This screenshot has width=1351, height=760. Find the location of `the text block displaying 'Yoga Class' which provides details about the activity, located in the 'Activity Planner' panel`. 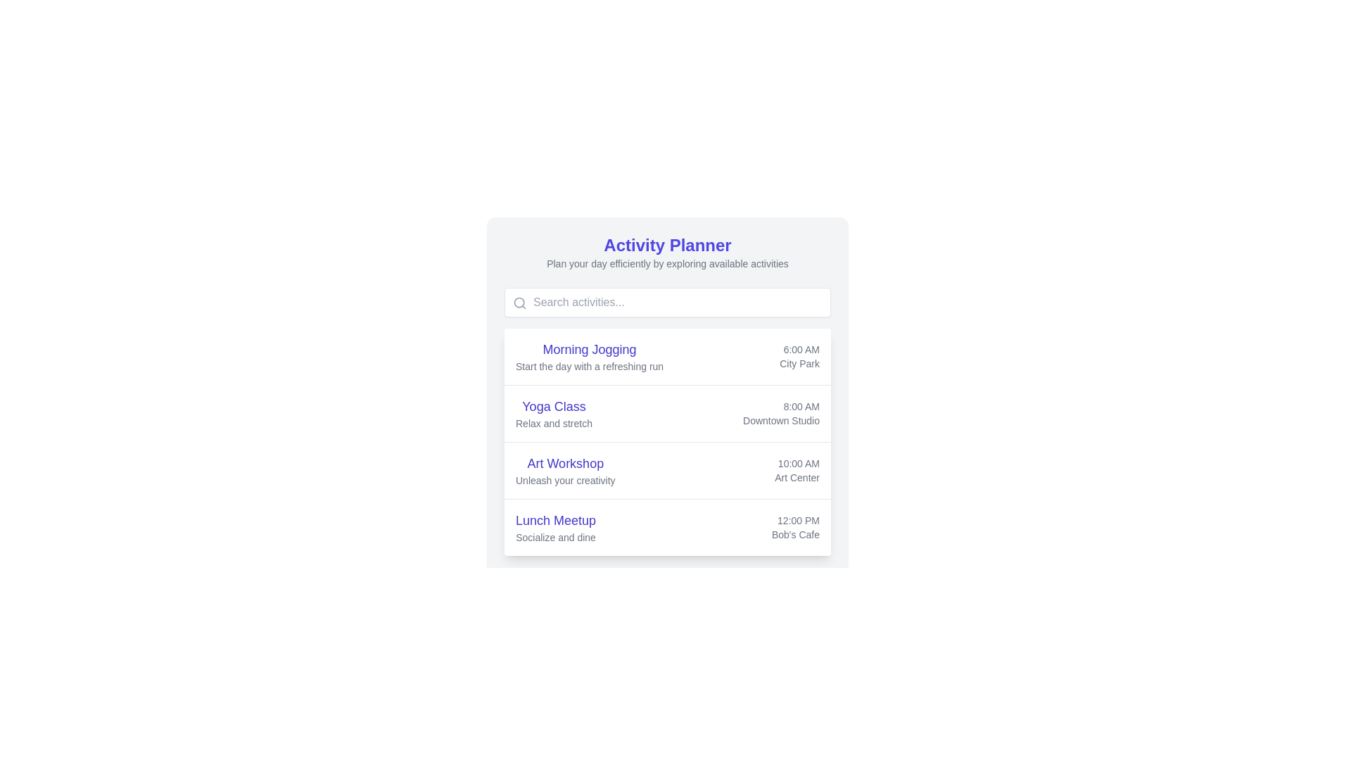

the text block displaying 'Yoga Class' which provides details about the activity, located in the 'Activity Planner' panel is located at coordinates (553, 412).